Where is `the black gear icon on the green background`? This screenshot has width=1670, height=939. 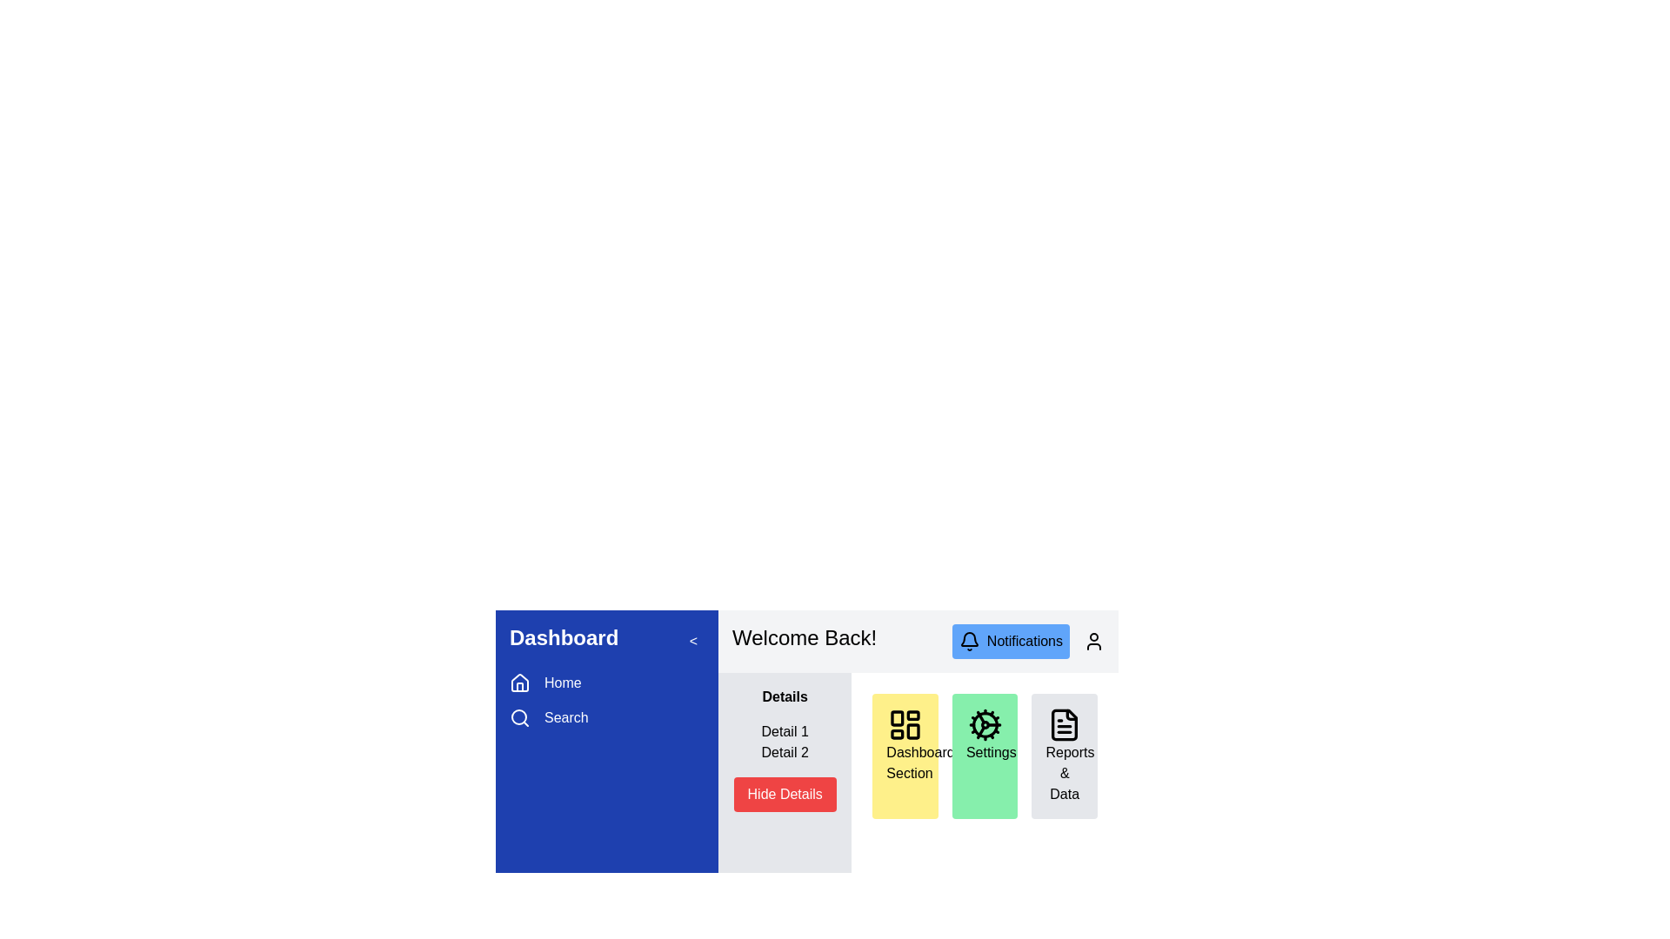 the black gear icon on the green background is located at coordinates (985, 724).